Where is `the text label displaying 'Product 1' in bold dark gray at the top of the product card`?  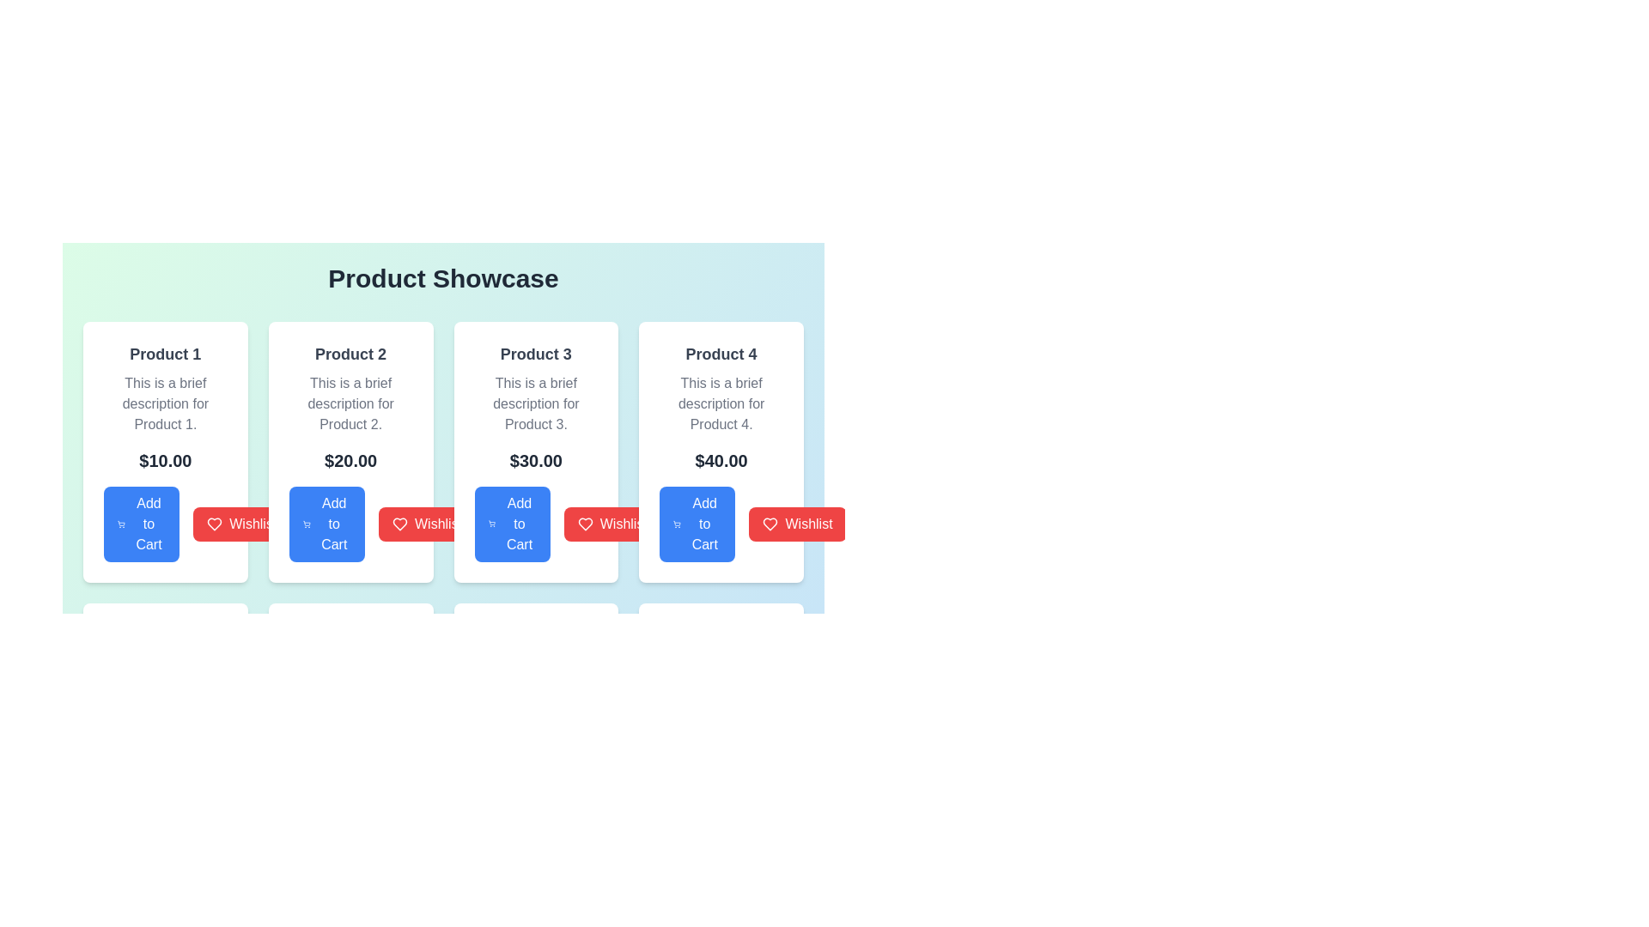
the text label displaying 'Product 1' in bold dark gray at the top of the product card is located at coordinates (165, 353).